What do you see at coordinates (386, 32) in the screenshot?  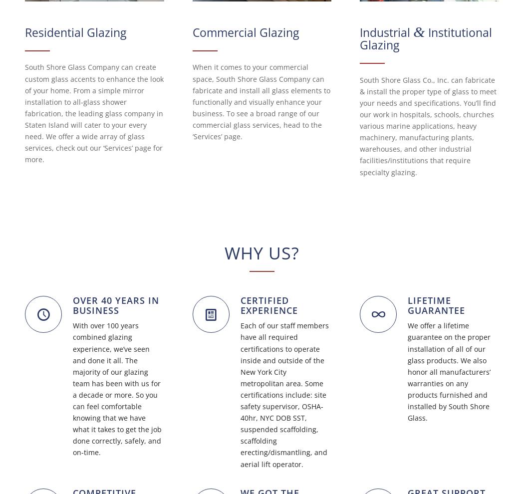 I see `'Industrial'` at bounding box center [386, 32].